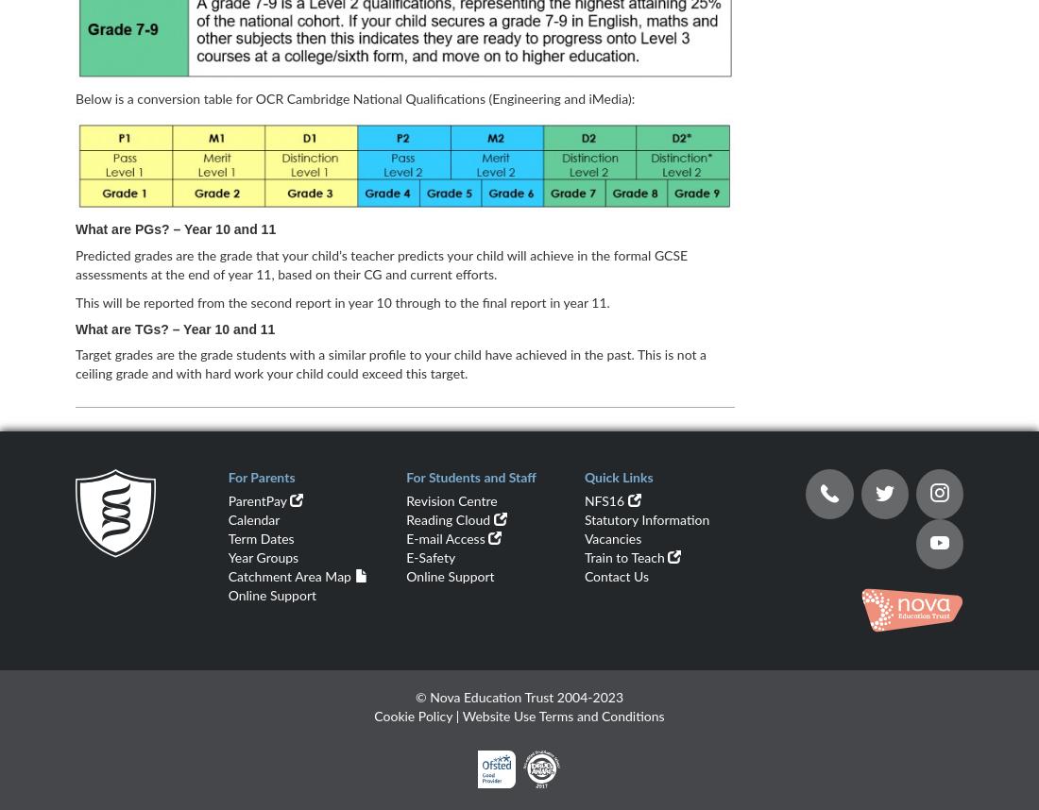  I want to click on '|', so click(457, 717).